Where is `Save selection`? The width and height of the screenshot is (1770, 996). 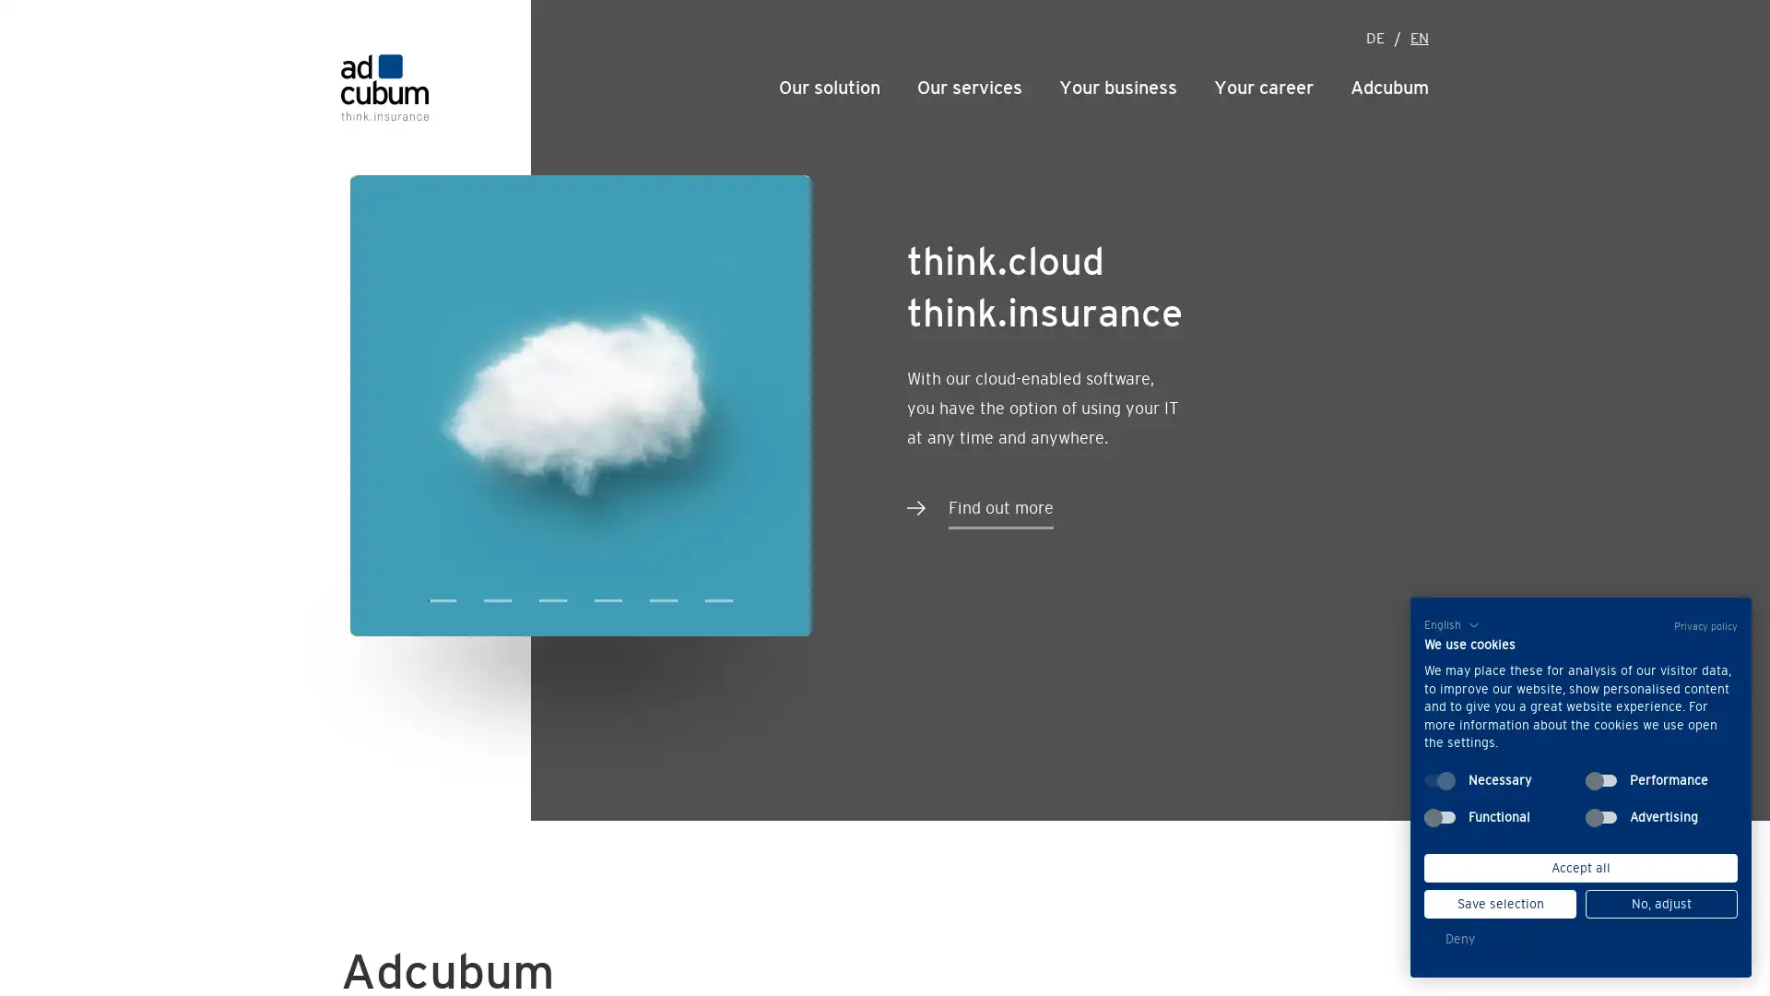 Save selection is located at coordinates (1500, 903).